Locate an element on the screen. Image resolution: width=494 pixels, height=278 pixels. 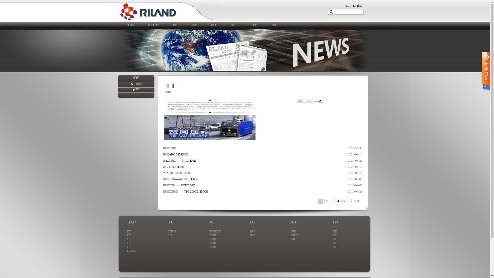
'6' is located at coordinates (349, 201).